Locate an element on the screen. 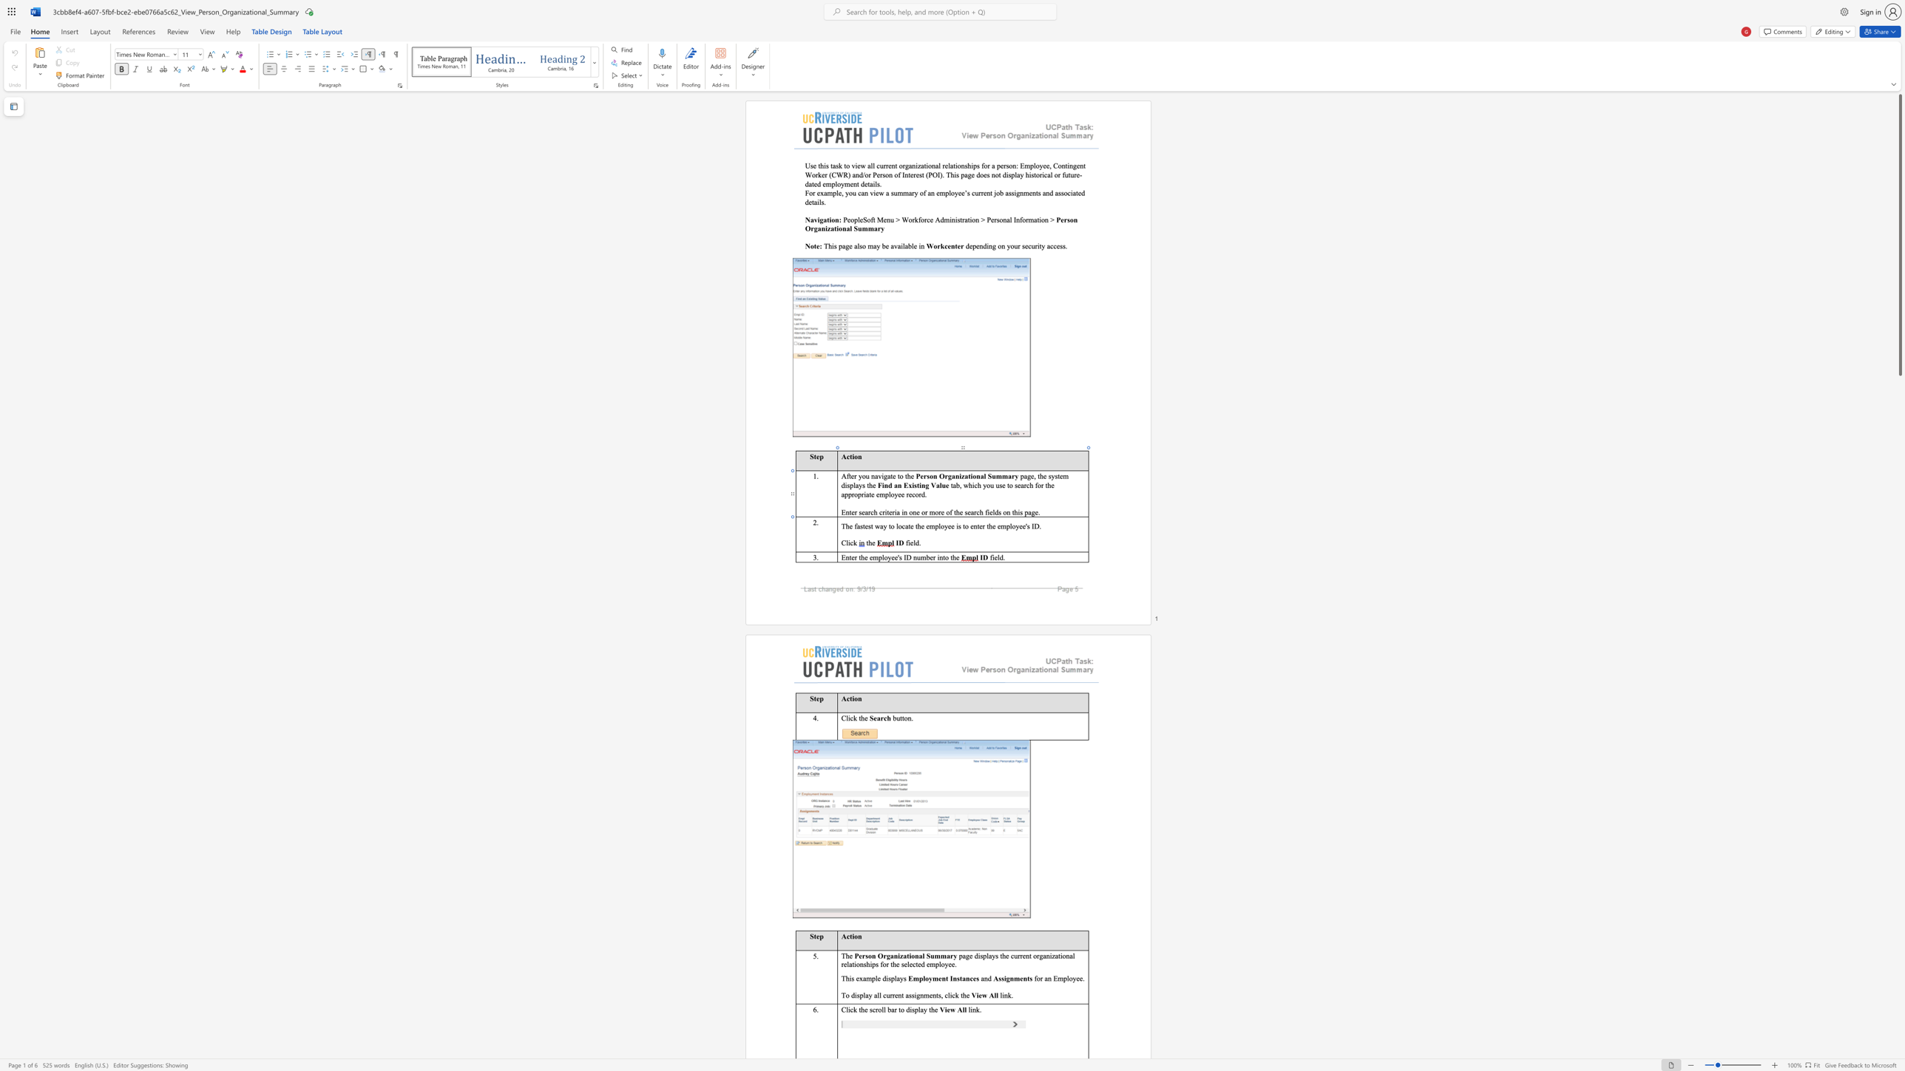 The width and height of the screenshot is (1905, 1071). the 2th character "n" in the text is located at coordinates (896, 956).